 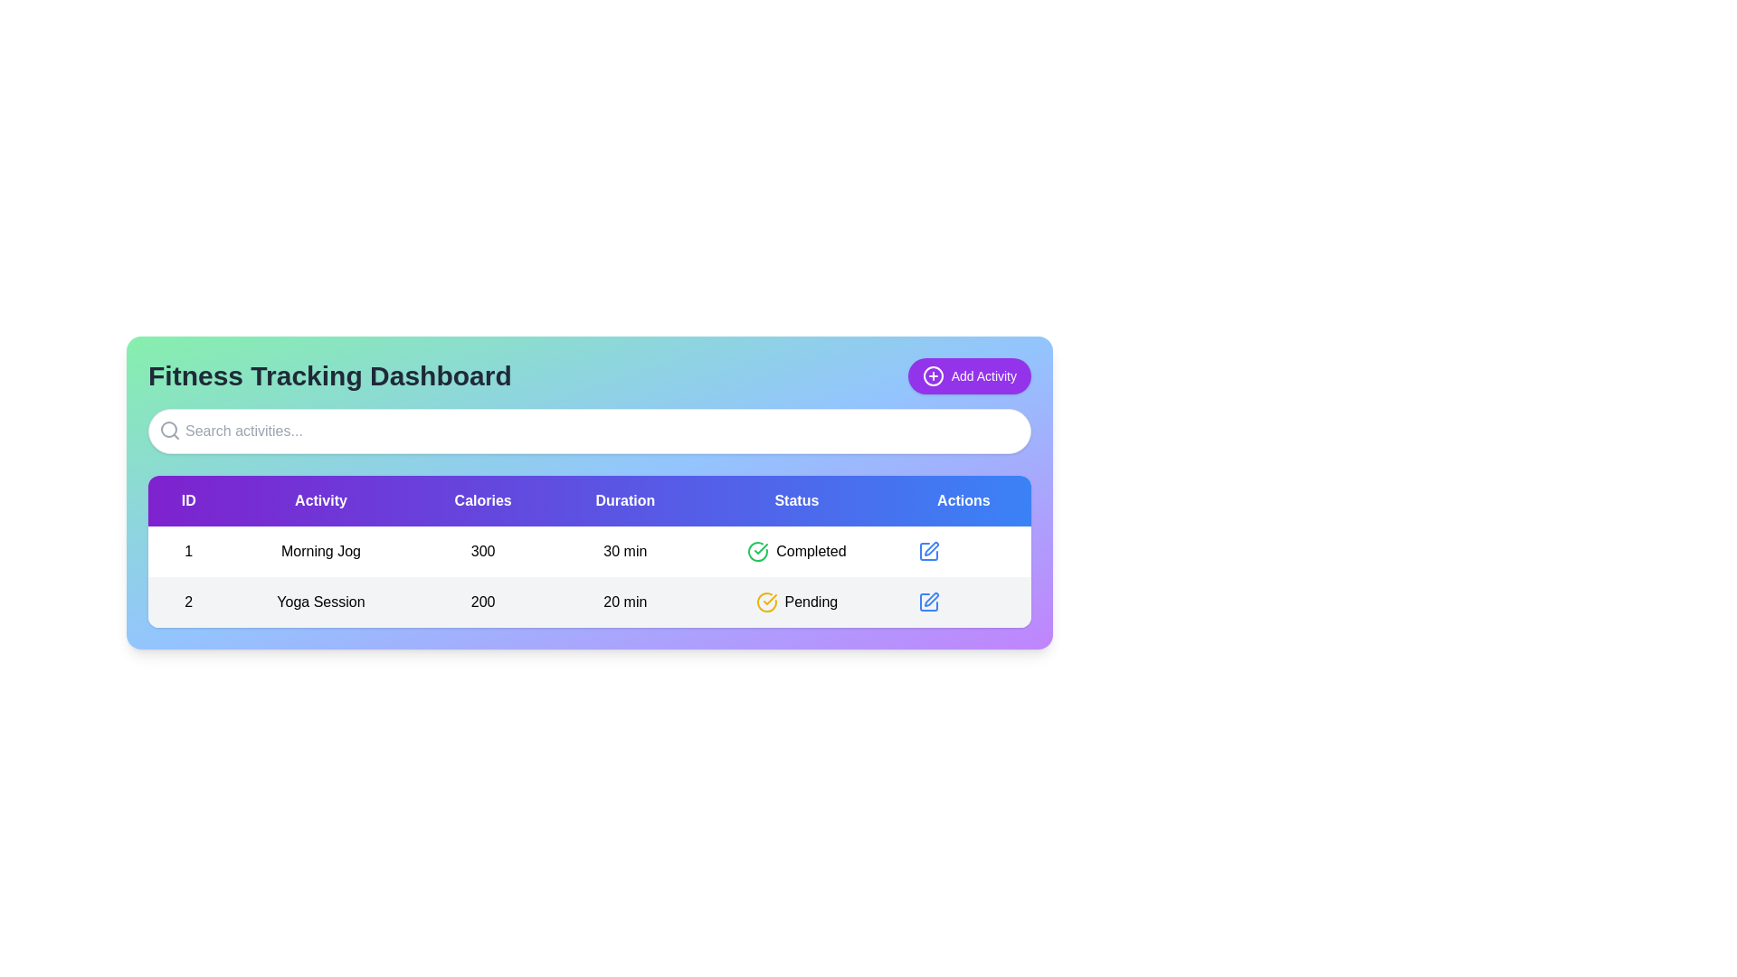 I want to click on the 'Add Activity' button located in the far right section of the 'Fitness Tracking Dashboard' header, so click(x=968, y=375).